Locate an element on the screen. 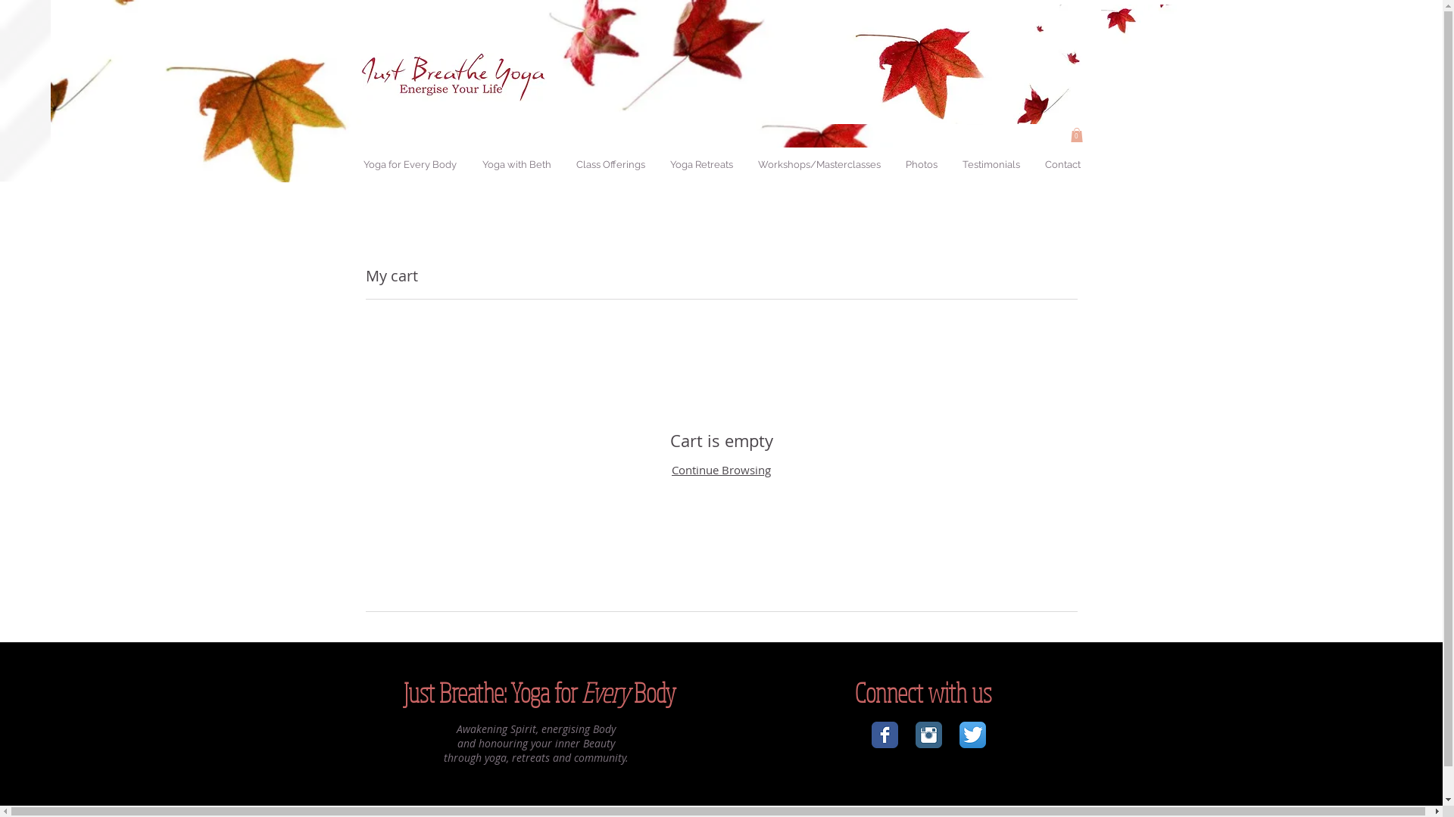  'Testimonials' is located at coordinates (991, 165).